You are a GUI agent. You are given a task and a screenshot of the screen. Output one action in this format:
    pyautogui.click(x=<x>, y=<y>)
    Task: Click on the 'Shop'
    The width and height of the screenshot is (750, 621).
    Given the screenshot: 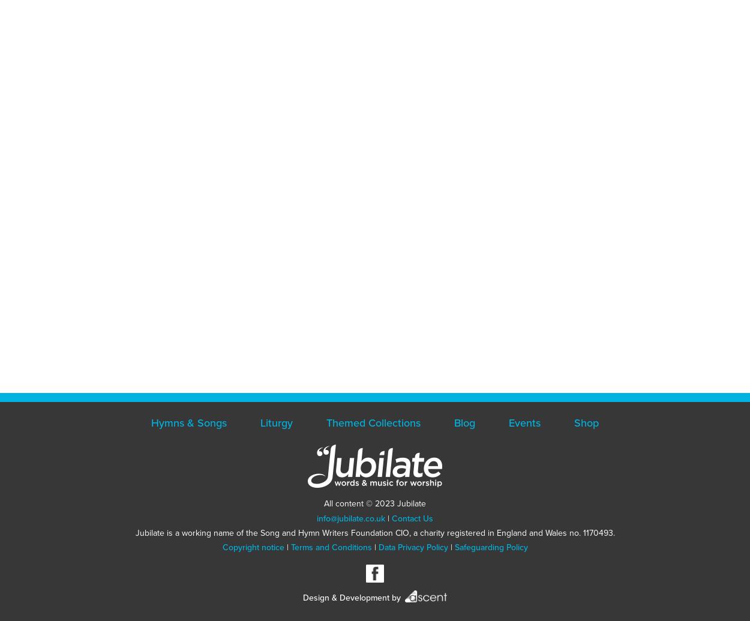 What is the action you would take?
    pyautogui.click(x=573, y=422)
    